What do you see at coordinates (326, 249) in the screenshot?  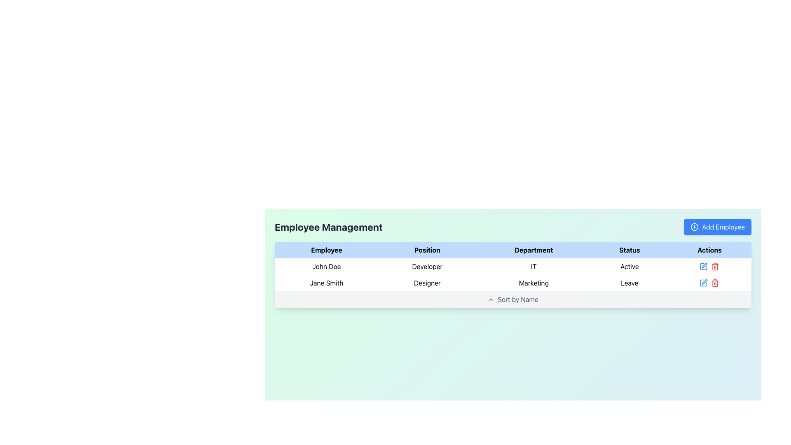 I see `the 'Employee' text label, which is the leftmost header in a light blue header row of a data table` at bounding box center [326, 249].